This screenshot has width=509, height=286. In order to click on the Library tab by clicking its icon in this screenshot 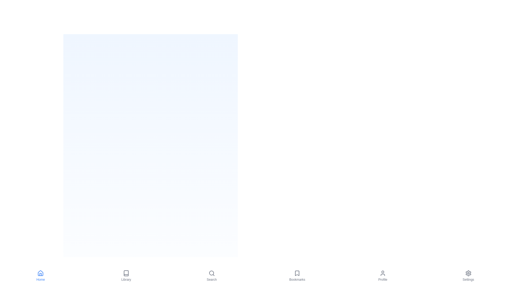, I will do `click(126, 275)`.